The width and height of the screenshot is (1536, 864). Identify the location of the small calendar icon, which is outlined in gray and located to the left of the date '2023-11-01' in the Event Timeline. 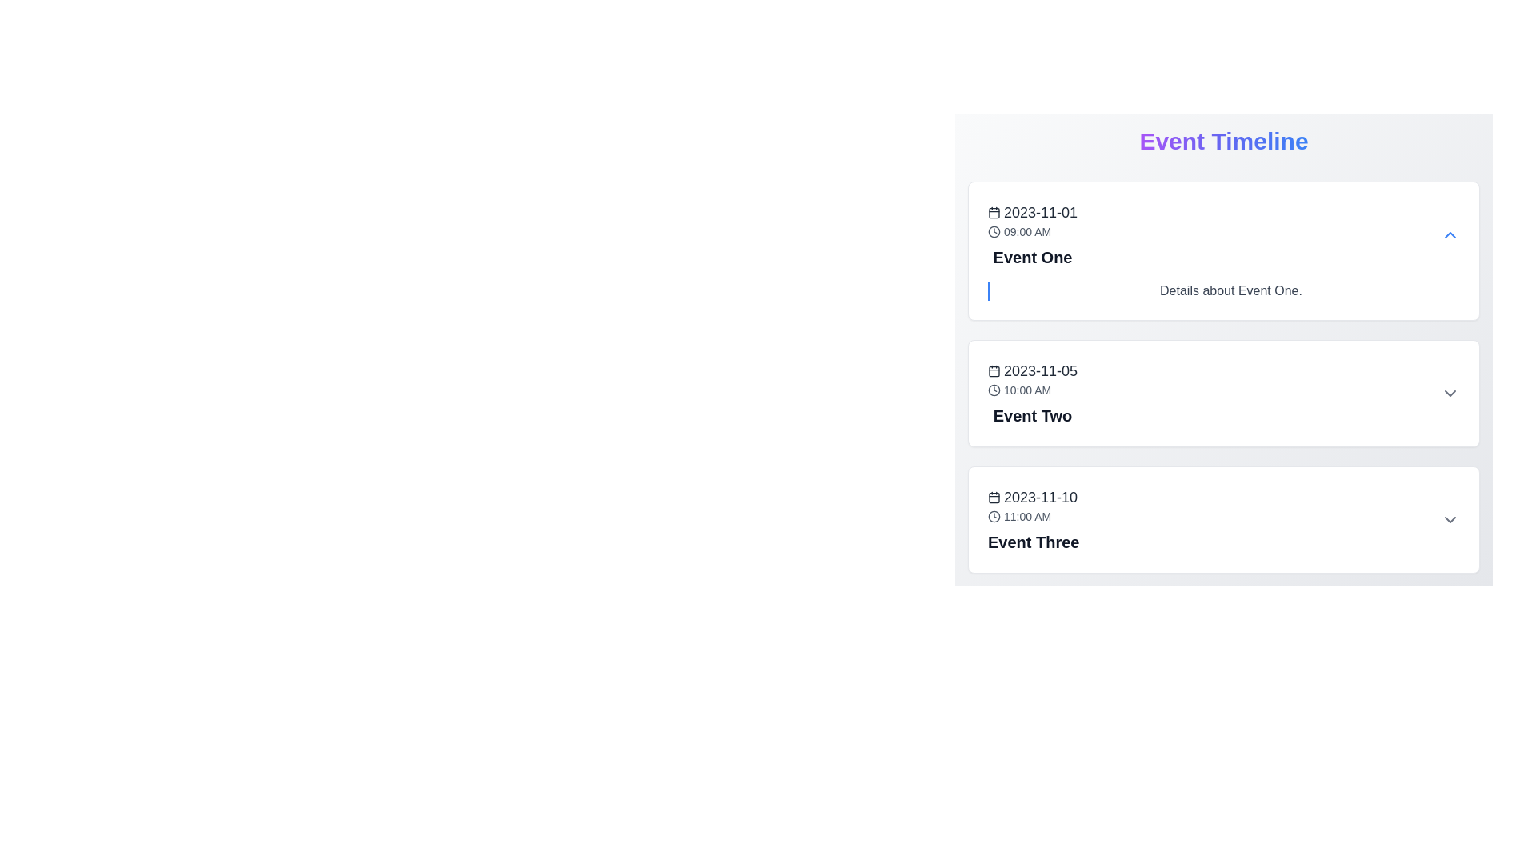
(994, 212).